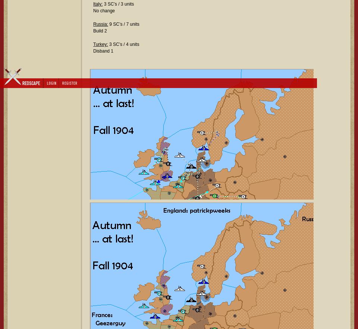 The width and height of the screenshot is (358, 329). Describe the element at coordinates (103, 51) in the screenshot. I see `'Disband 1'` at that location.